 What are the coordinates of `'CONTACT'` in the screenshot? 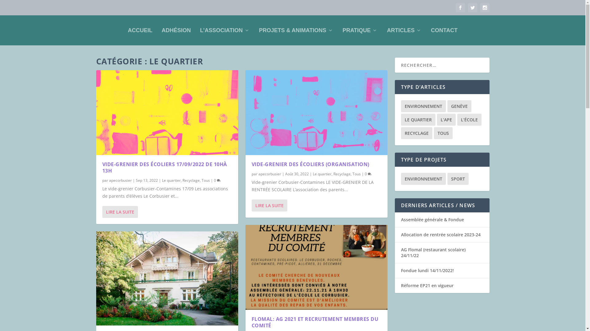 It's located at (444, 30).